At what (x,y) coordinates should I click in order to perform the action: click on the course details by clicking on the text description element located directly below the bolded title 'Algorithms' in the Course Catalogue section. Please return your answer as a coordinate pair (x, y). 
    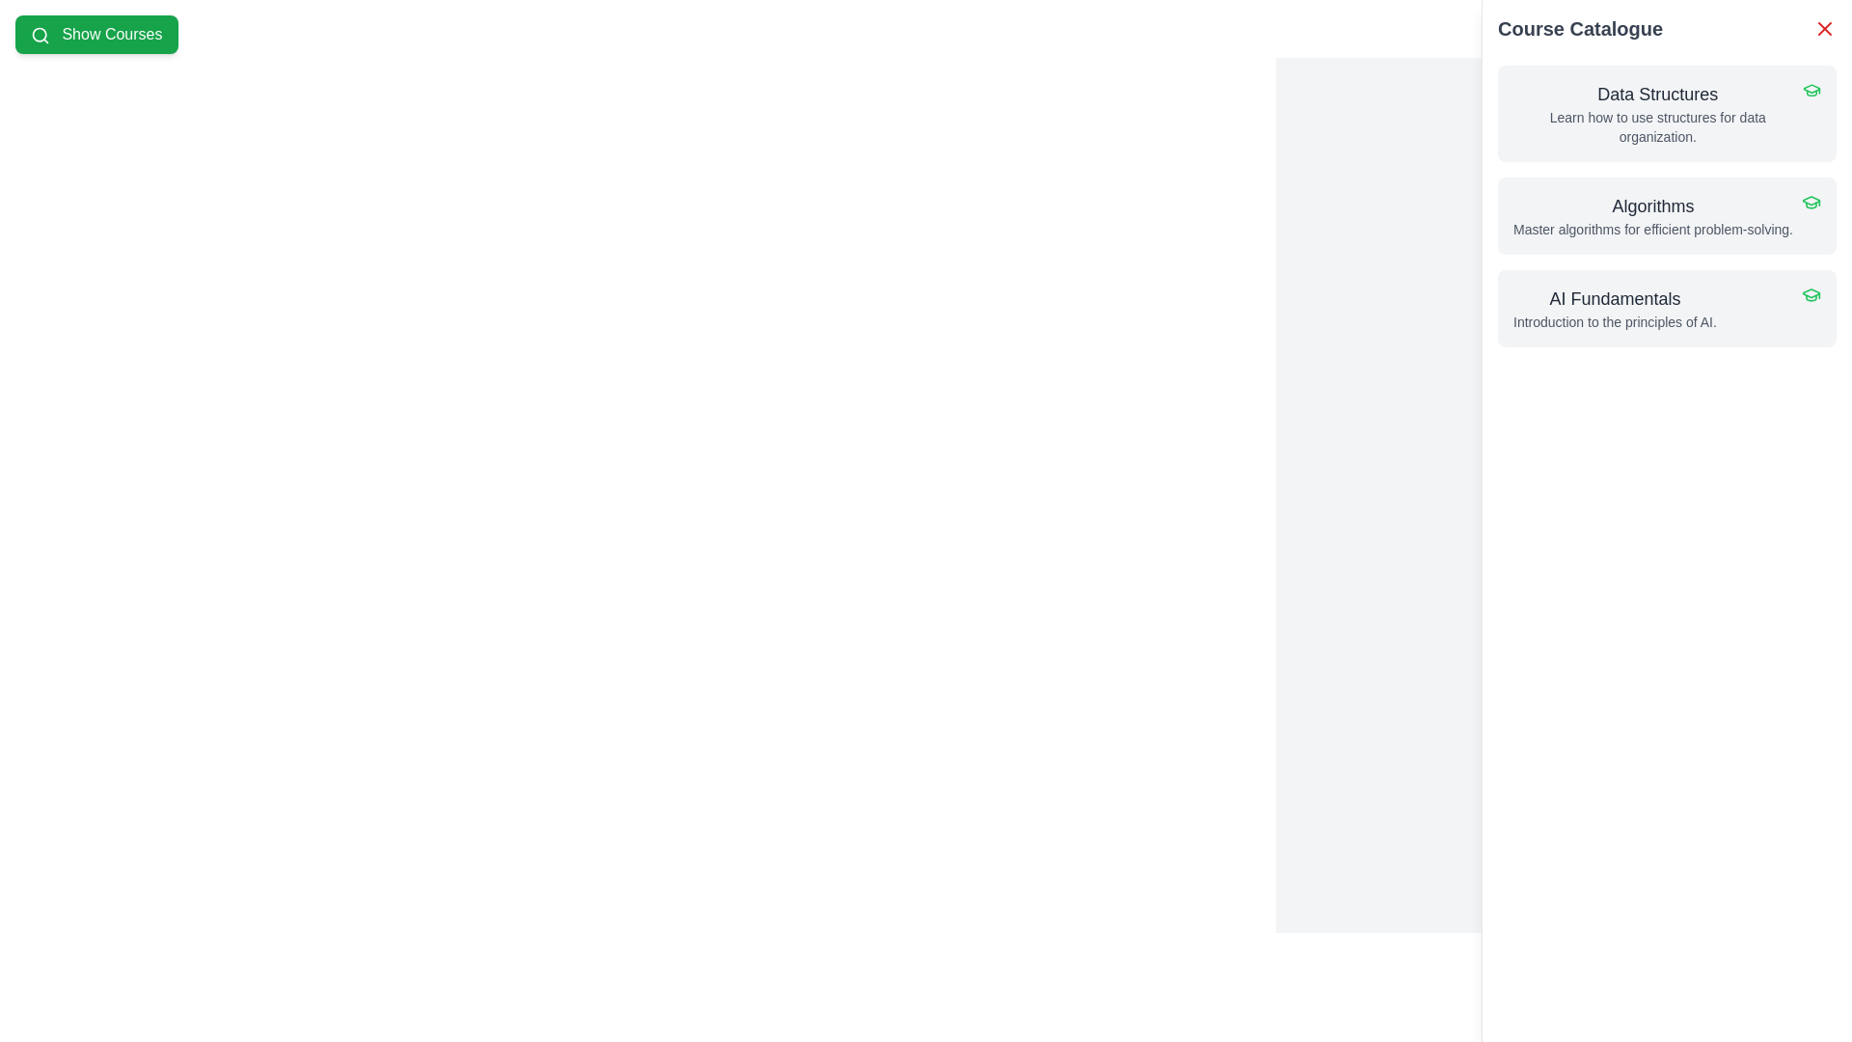
    Looking at the image, I should click on (1651, 229).